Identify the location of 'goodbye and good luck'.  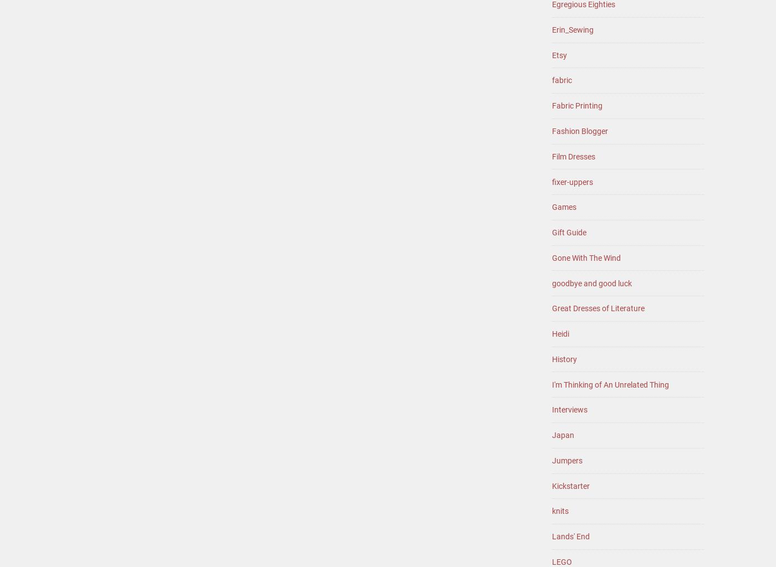
(592, 282).